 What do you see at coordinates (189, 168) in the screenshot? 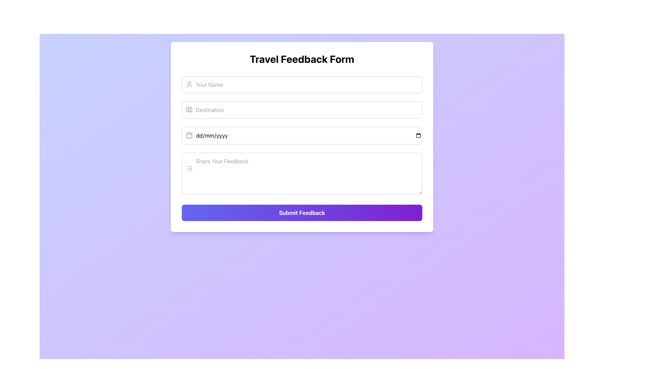
I see `the list icon element, which is characterized by three horizontal lines stacked vertically, located to the left of the 'Share Your Feedback' input box` at bounding box center [189, 168].